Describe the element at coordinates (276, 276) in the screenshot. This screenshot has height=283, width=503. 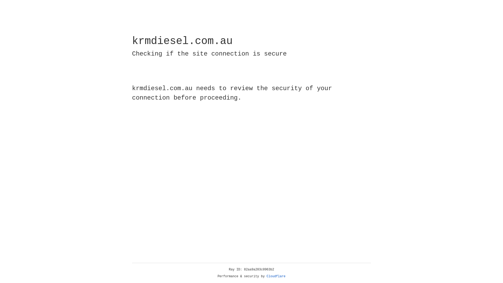
I see `'Cloudflare'` at that location.